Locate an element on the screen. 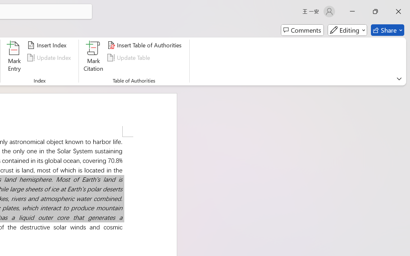 The height and width of the screenshot is (256, 410). 'Mark Citation...' is located at coordinates (93, 57).